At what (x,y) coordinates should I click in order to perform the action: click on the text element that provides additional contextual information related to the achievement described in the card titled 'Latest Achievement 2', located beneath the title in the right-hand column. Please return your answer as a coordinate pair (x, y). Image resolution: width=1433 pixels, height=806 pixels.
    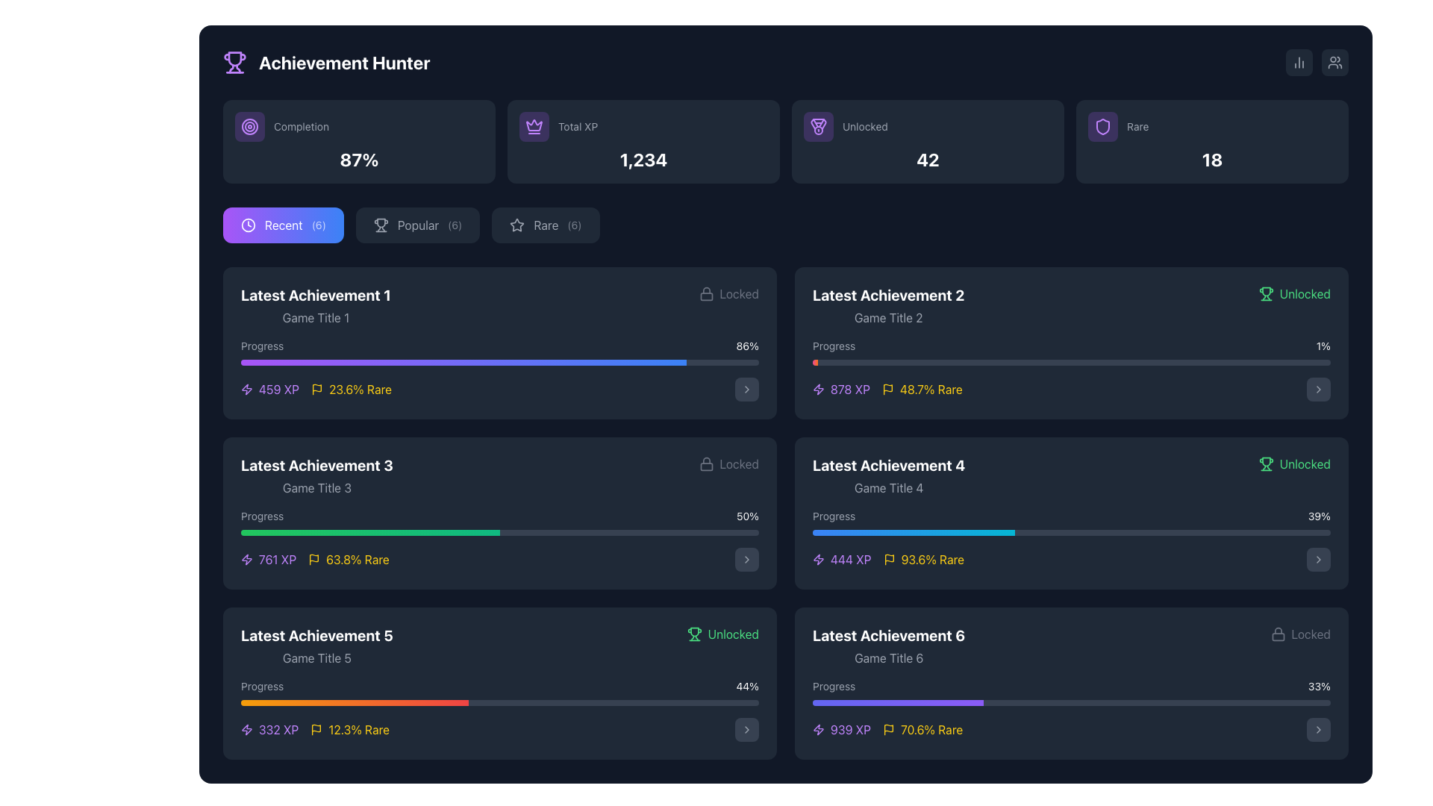
    Looking at the image, I should click on (888, 316).